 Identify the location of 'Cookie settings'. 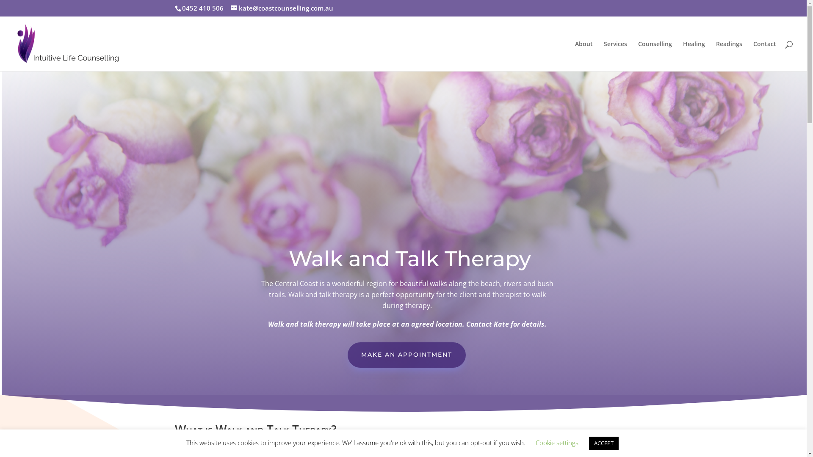
(534, 442).